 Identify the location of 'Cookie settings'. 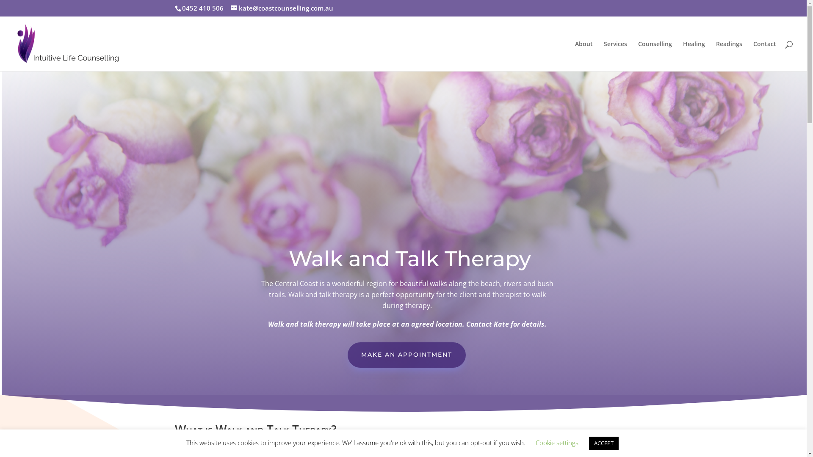
(534, 442).